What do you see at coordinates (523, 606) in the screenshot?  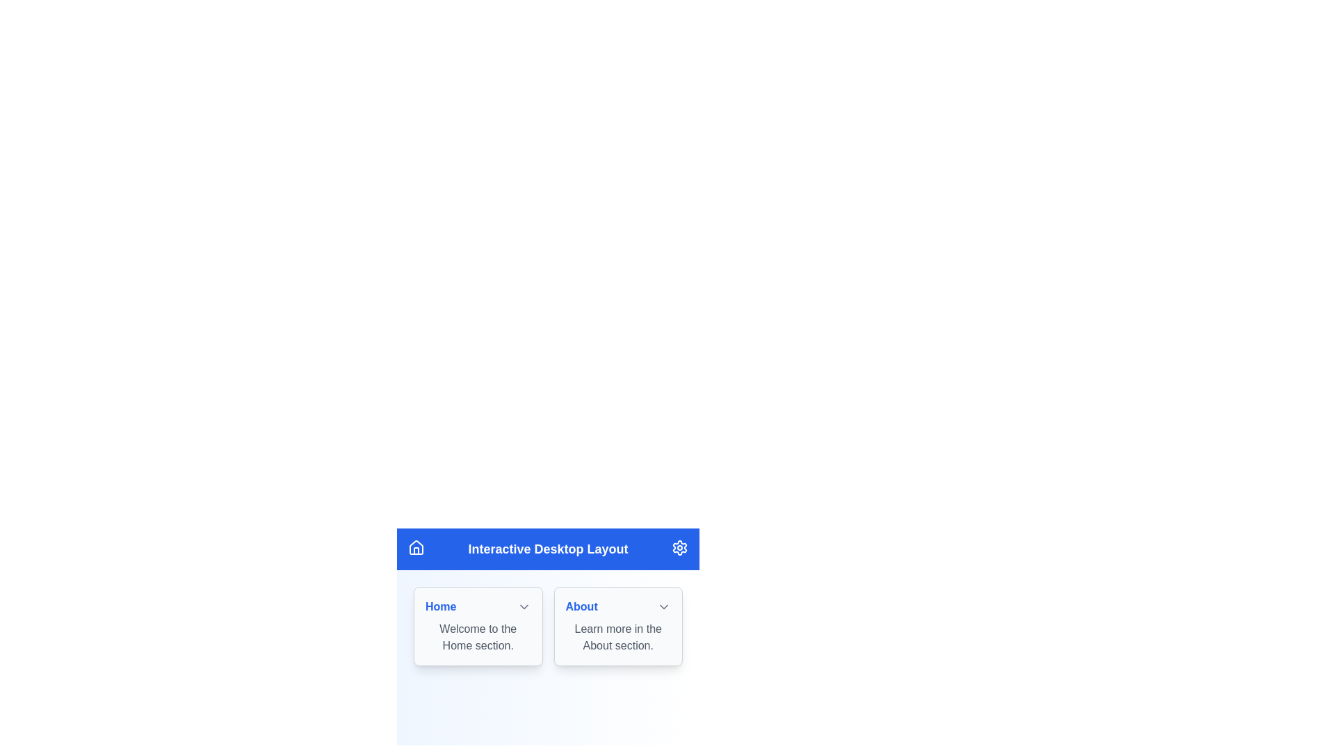 I see `the downward-facing gray chevron icon located to the right of the 'Home' text` at bounding box center [523, 606].